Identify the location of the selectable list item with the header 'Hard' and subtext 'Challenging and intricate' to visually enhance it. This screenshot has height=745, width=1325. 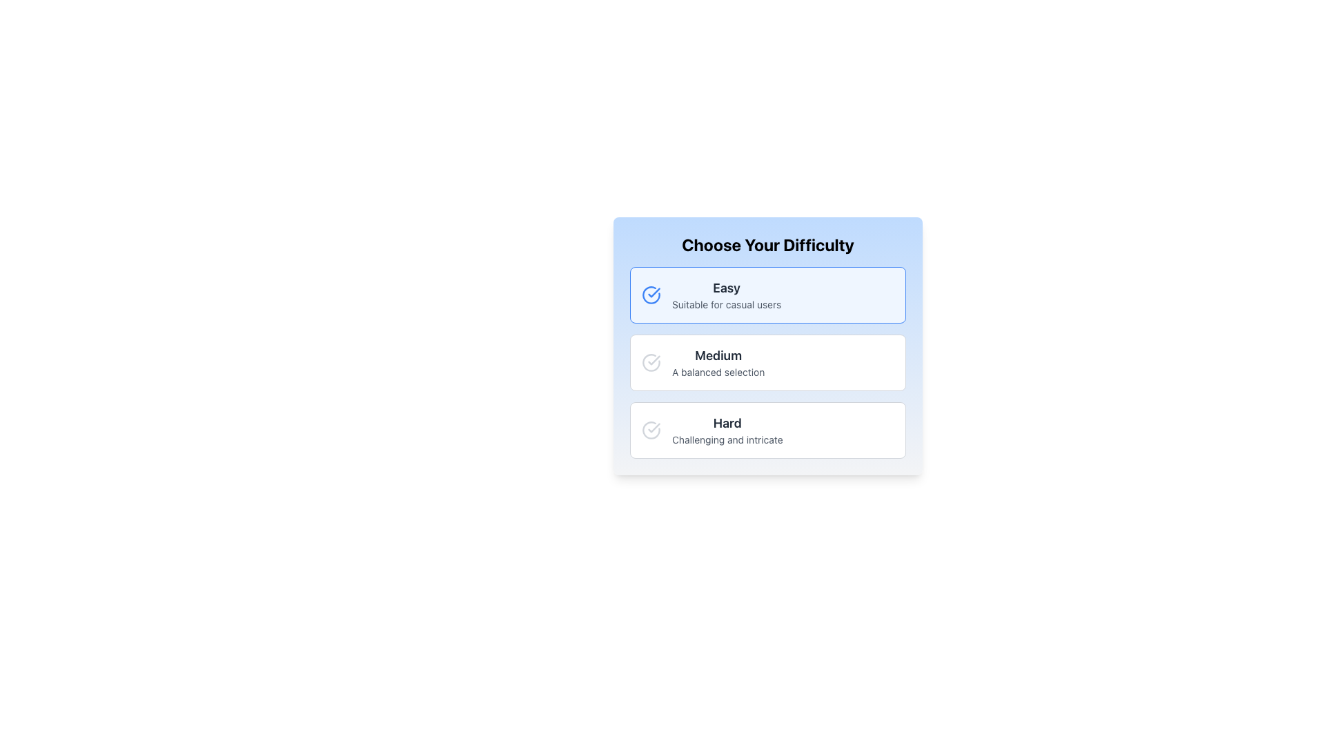
(767, 430).